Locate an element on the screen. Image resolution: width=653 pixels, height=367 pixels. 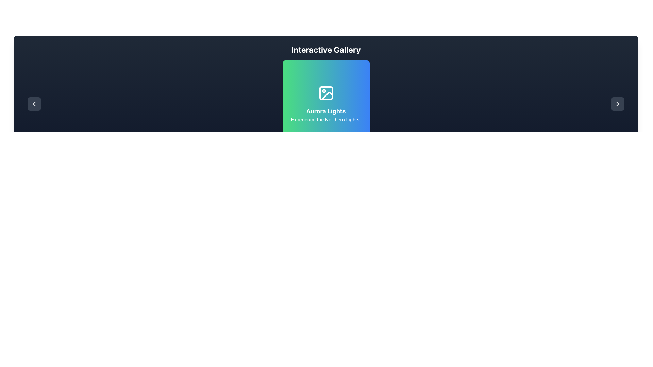
the leftward-facing chevron icon located in the dark header section, which serves as a navigational aid for the gallery is located at coordinates (34, 104).